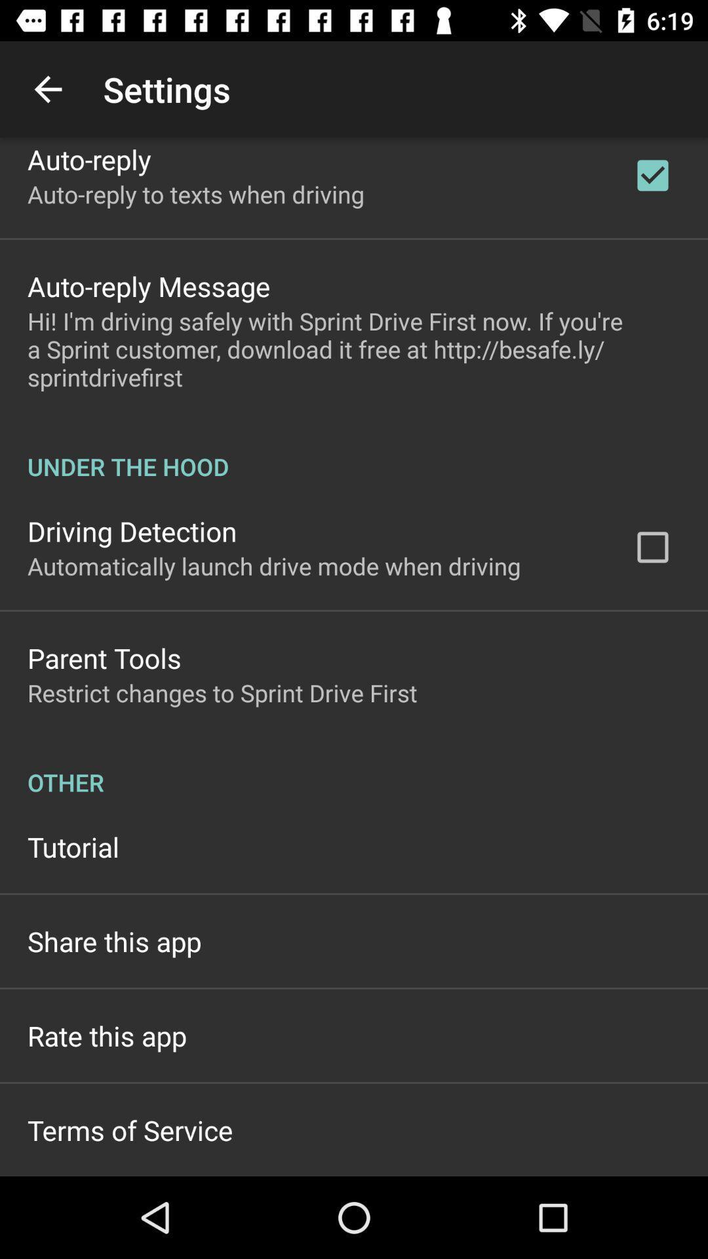 The width and height of the screenshot is (708, 1259). What do you see at coordinates (73, 847) in the screenshot?
I see `the icon above share this app` at bounding box center [73, 847].